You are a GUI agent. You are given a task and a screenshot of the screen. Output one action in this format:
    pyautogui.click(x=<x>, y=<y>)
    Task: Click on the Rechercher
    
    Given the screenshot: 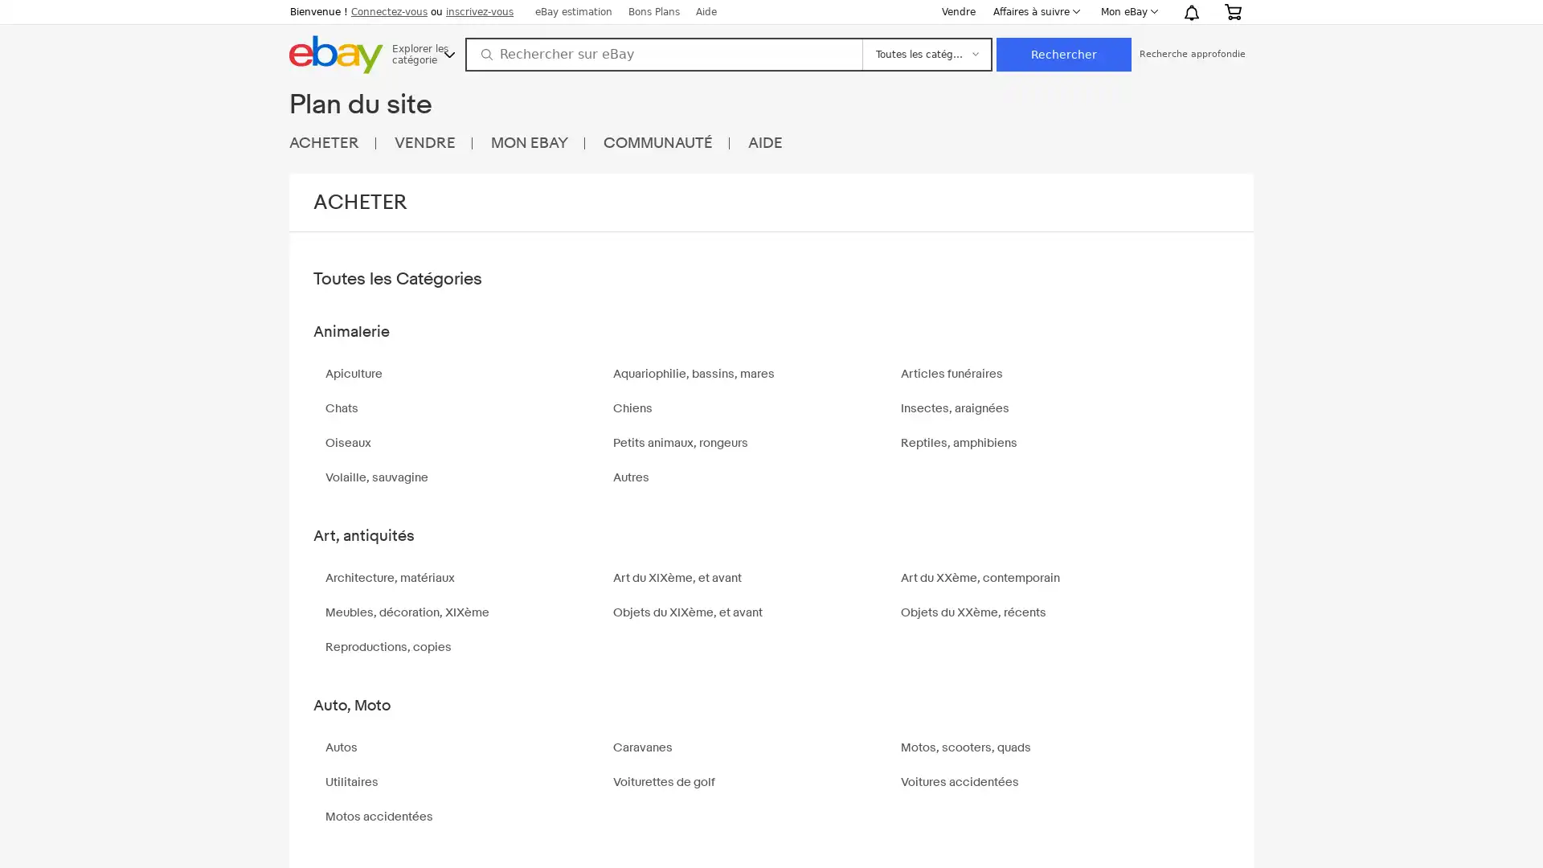 What is the action you would take?
    pyautogui.click(x=1064, y=54)
    